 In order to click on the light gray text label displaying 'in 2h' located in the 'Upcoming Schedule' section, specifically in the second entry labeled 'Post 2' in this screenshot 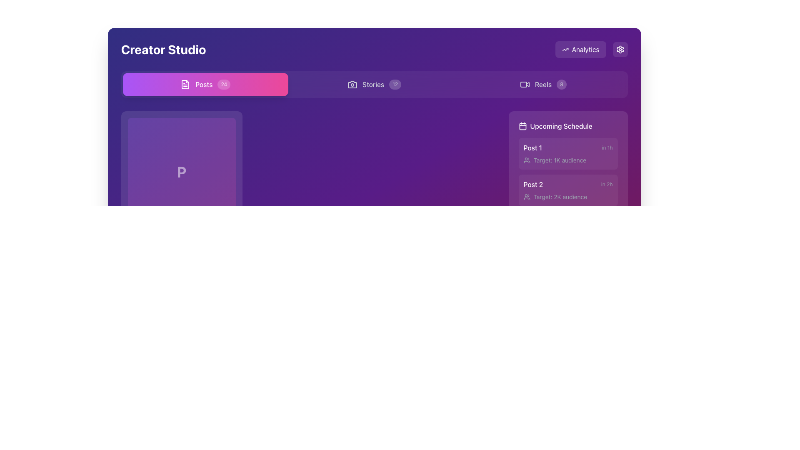, I will do `click(607, 184)`.